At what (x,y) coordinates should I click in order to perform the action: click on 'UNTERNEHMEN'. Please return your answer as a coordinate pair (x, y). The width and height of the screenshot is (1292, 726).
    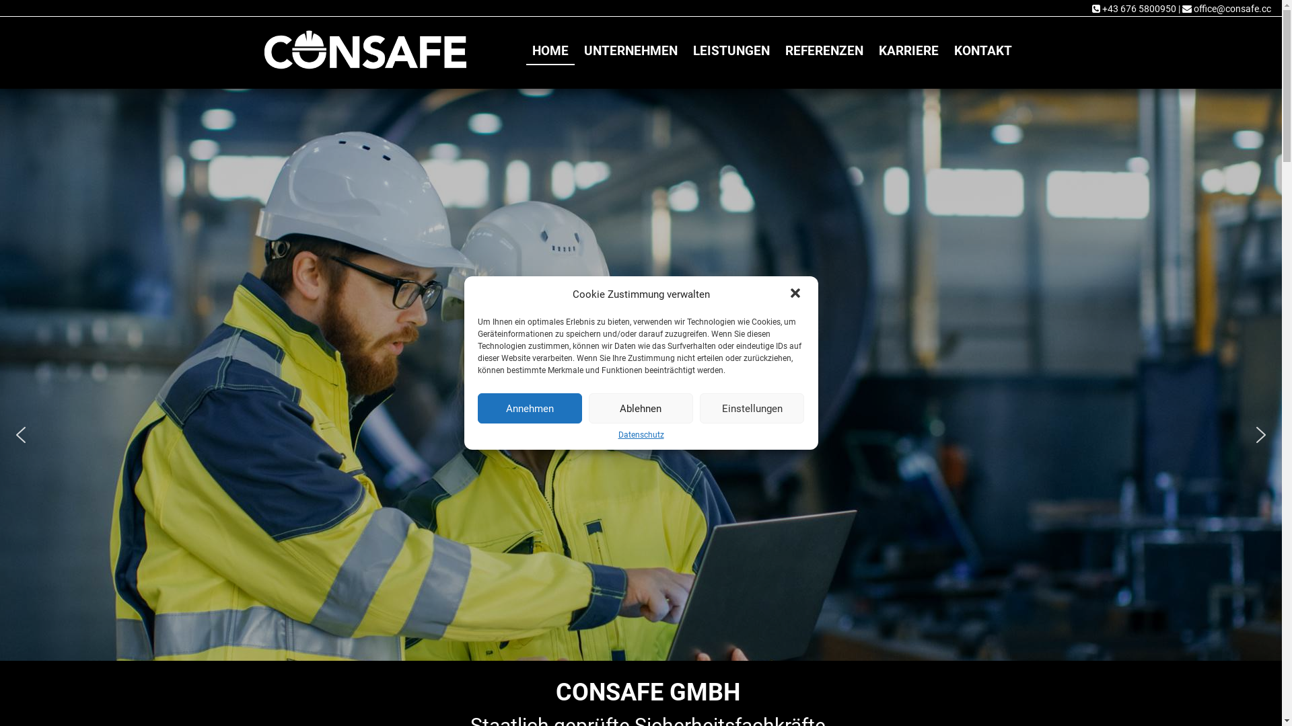
    Looking at the image, I should click on (629, 50).